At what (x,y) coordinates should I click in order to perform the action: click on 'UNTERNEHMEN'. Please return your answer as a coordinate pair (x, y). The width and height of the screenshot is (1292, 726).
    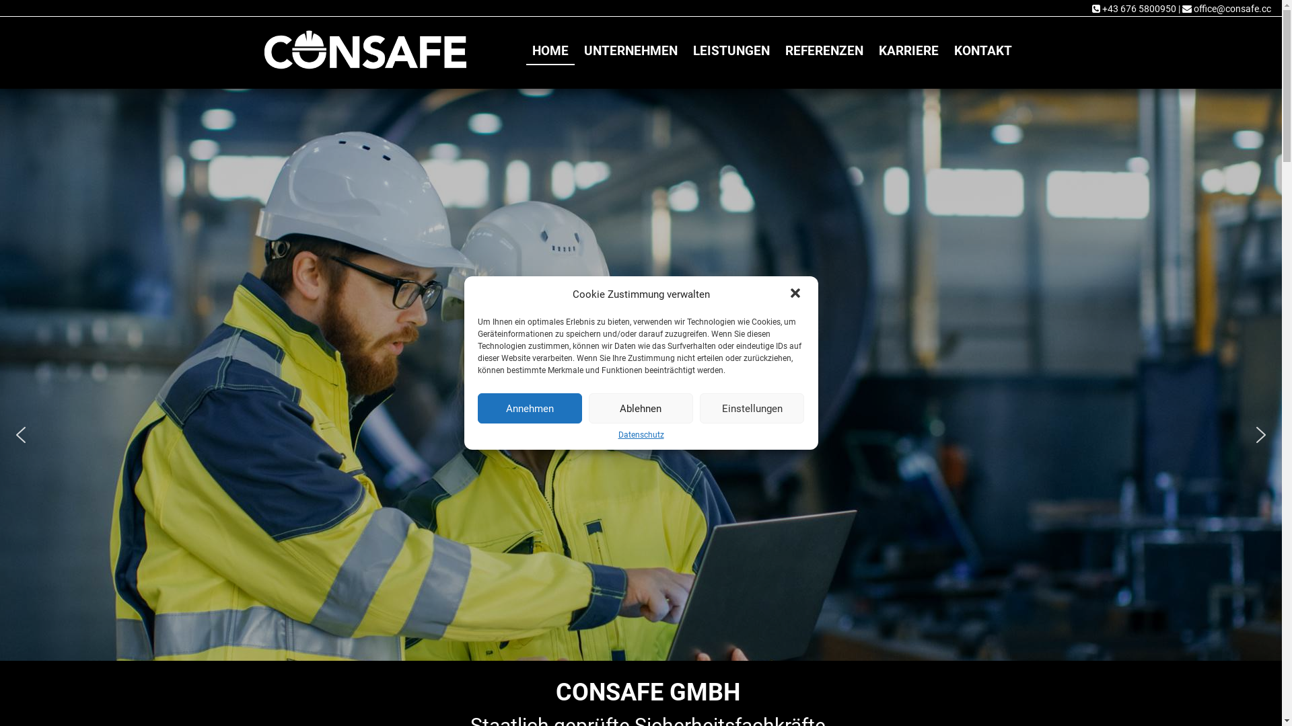
    Looking at the image, I should click on (629, 50).